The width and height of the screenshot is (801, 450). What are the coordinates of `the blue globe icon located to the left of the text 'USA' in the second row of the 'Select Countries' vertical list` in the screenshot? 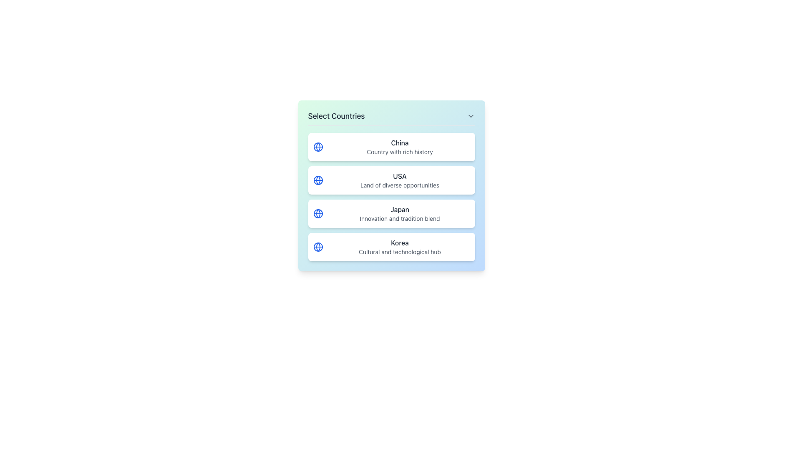 It's located at (317, 180).